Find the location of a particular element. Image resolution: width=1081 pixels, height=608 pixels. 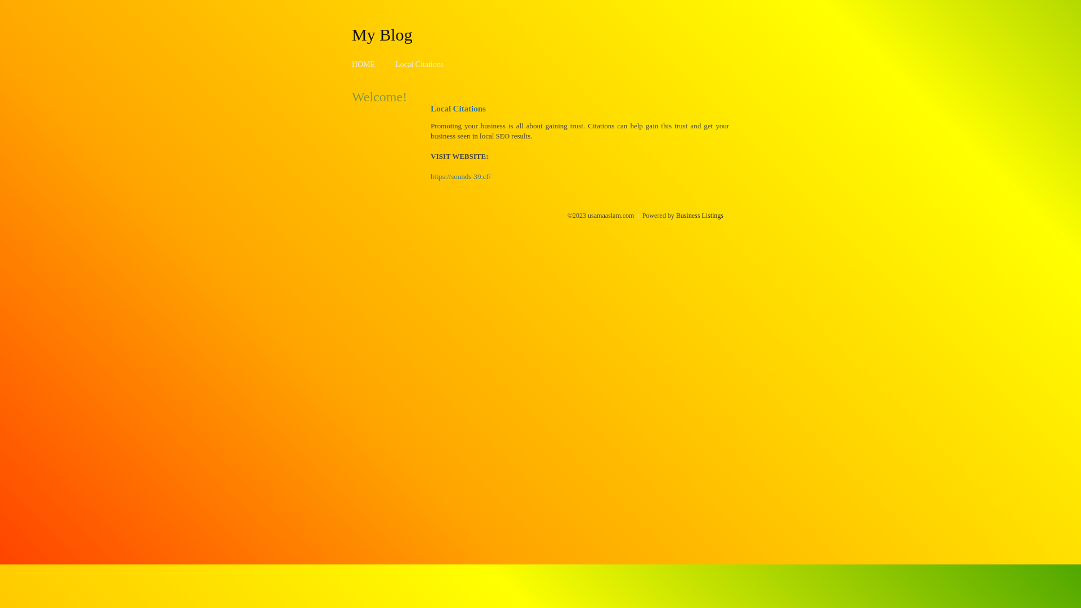

'HOME' is located at coordinates (363, 64).